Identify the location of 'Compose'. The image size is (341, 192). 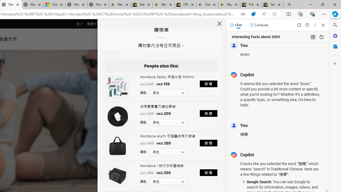
(259, 25).